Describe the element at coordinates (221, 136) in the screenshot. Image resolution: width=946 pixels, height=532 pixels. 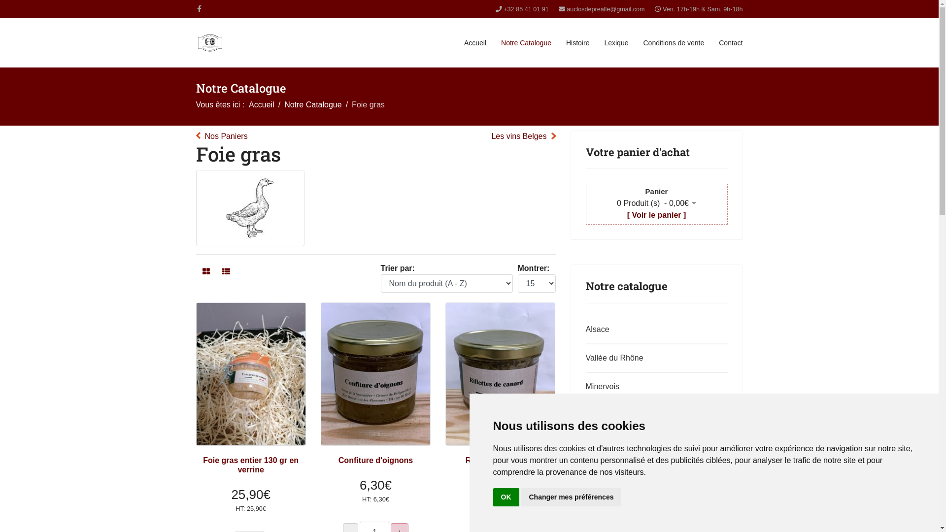
I see `'Nos Paniers'` at that location.